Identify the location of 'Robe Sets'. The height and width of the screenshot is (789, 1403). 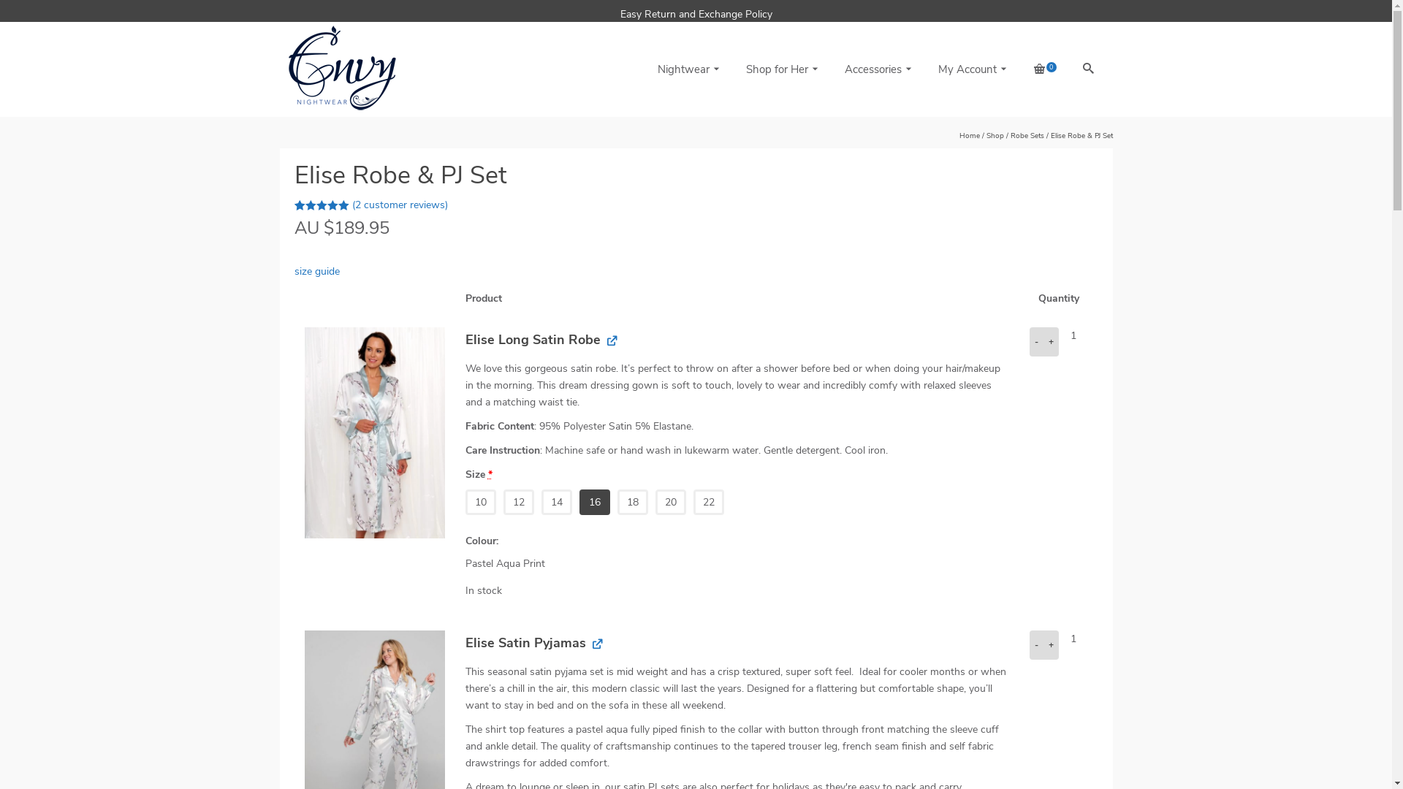
(1026, 135).